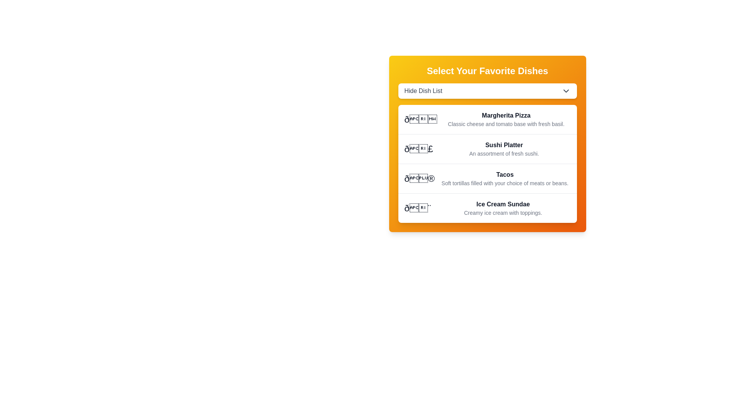 This screenshot has height=415, width=739. I want to click on the Text Label for the menu item 'Ice Cream Sundae', which is the fourth item in the menu list, positioned above the description 'Creamy ice cream with toppings.', so click(503, 204).